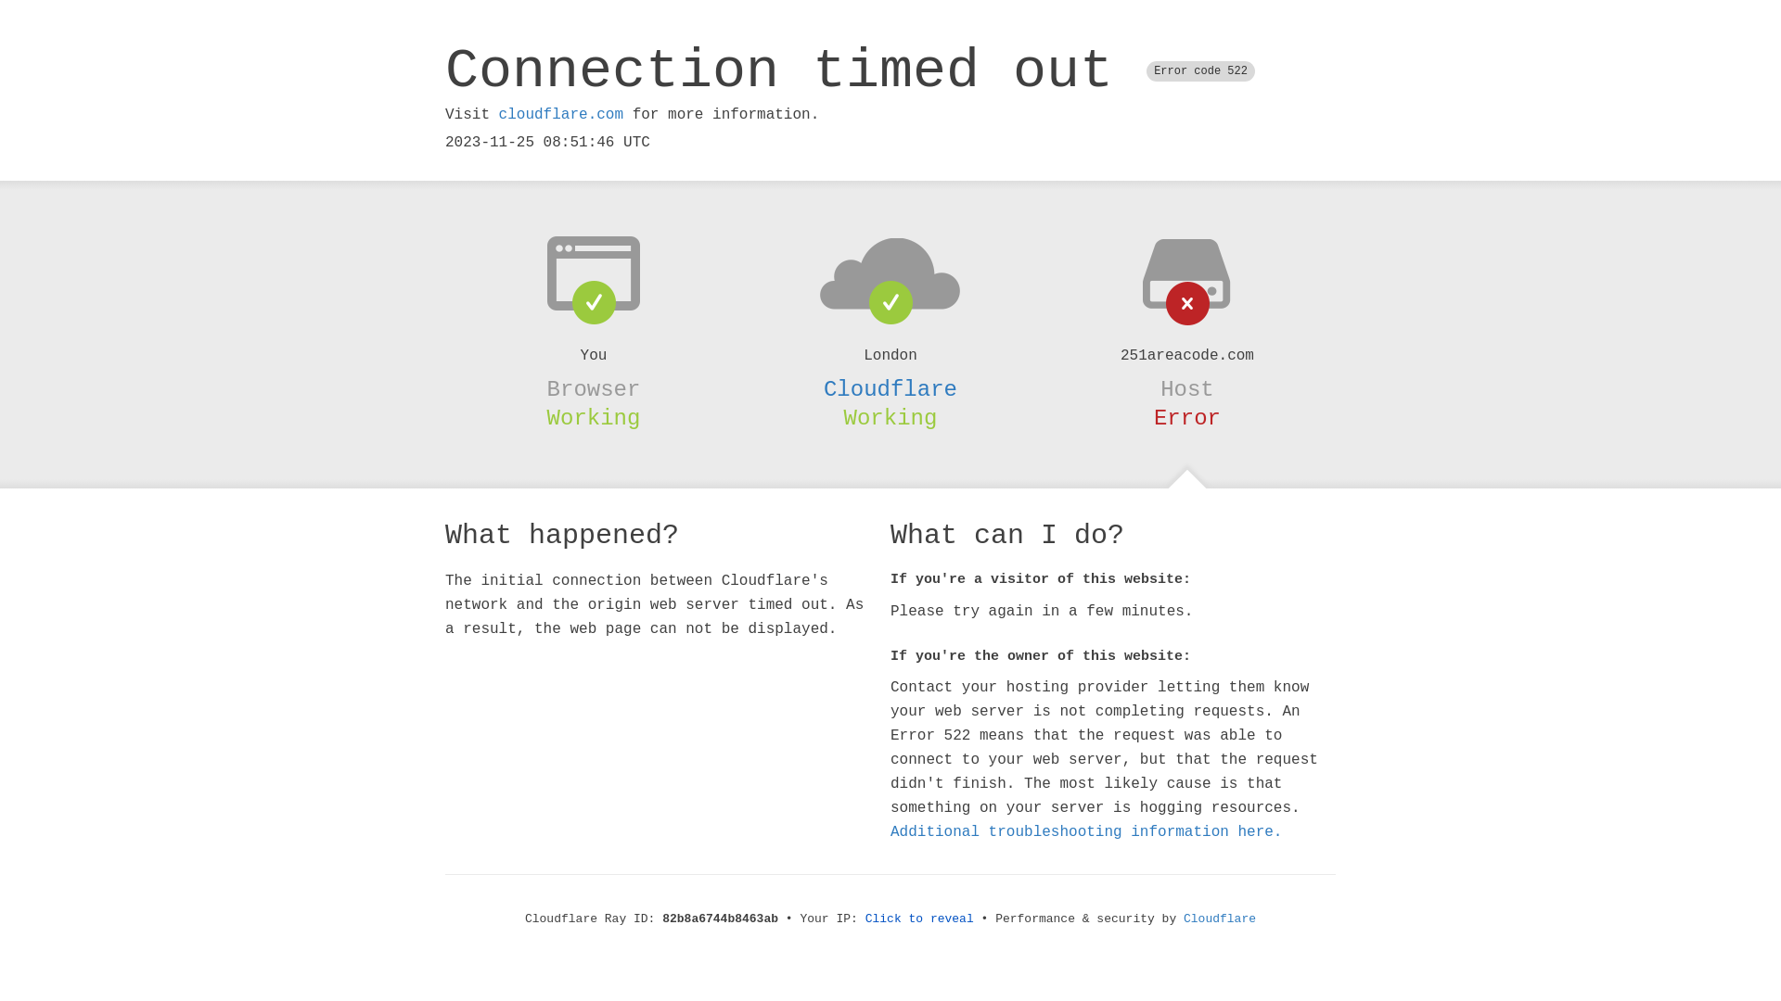  I want to click on 'cloudflare.com', so click(559, 114).